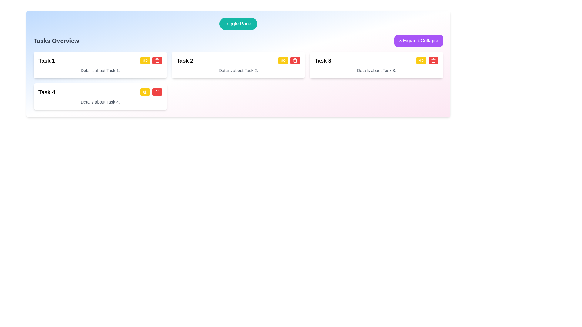  Describe the element at coordinates (421, 60) in the screenshot. I see `the first button in the toolbar of the card for 'Task 3'` at that location.